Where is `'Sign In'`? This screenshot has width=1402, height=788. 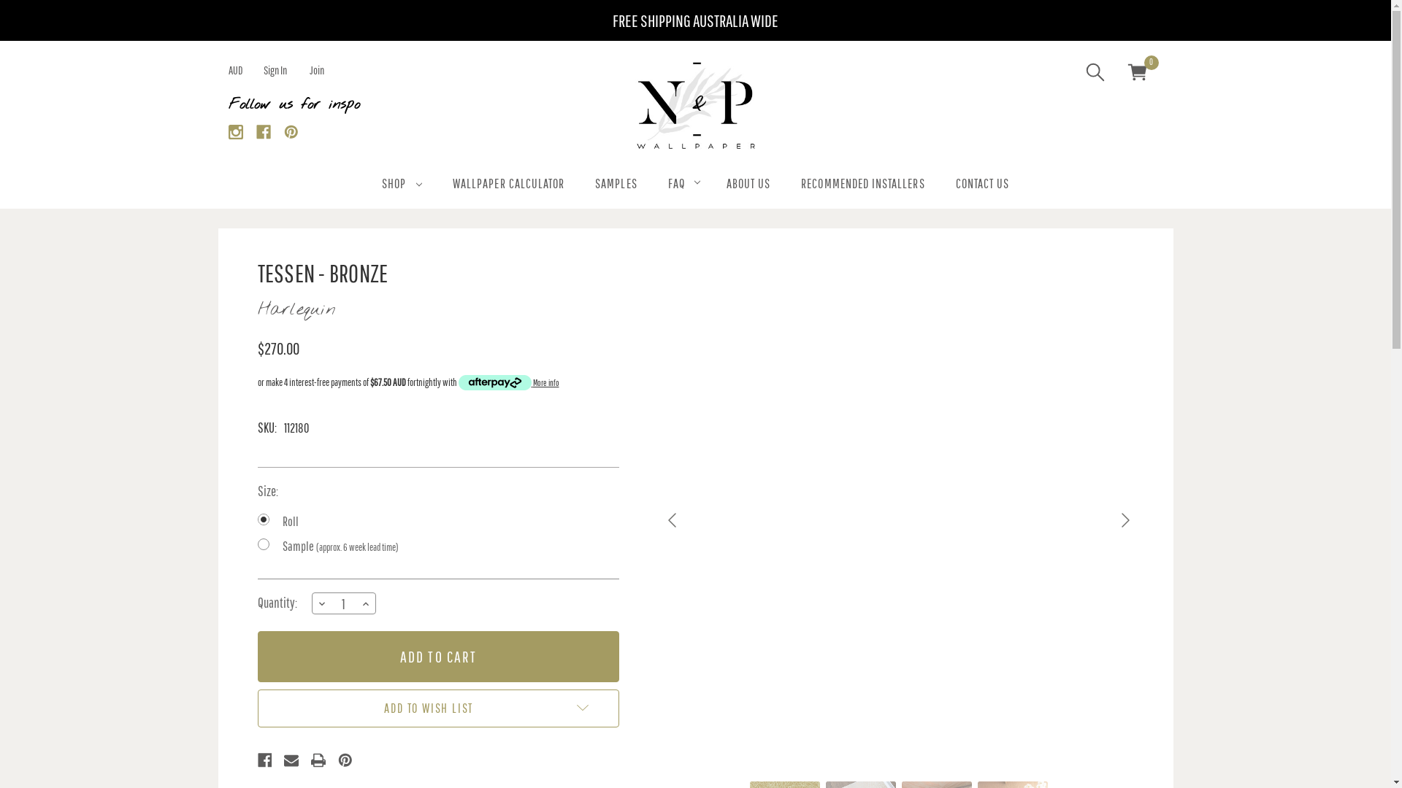 'Sign In' is located at coordinates (274, 70).